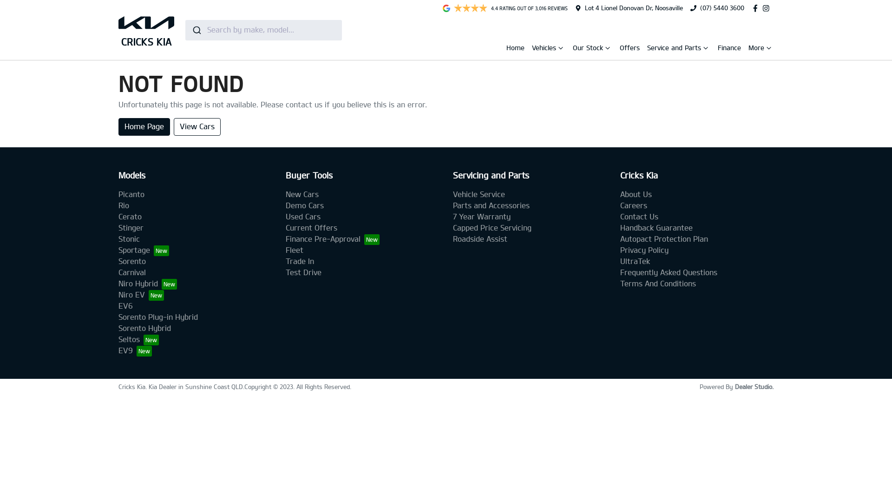 This screenshot has height=502, width=892. What do you see at coordinates (197, 127) in the screenshot?
I see `'View Cars'` at bounding box center [197, 127].